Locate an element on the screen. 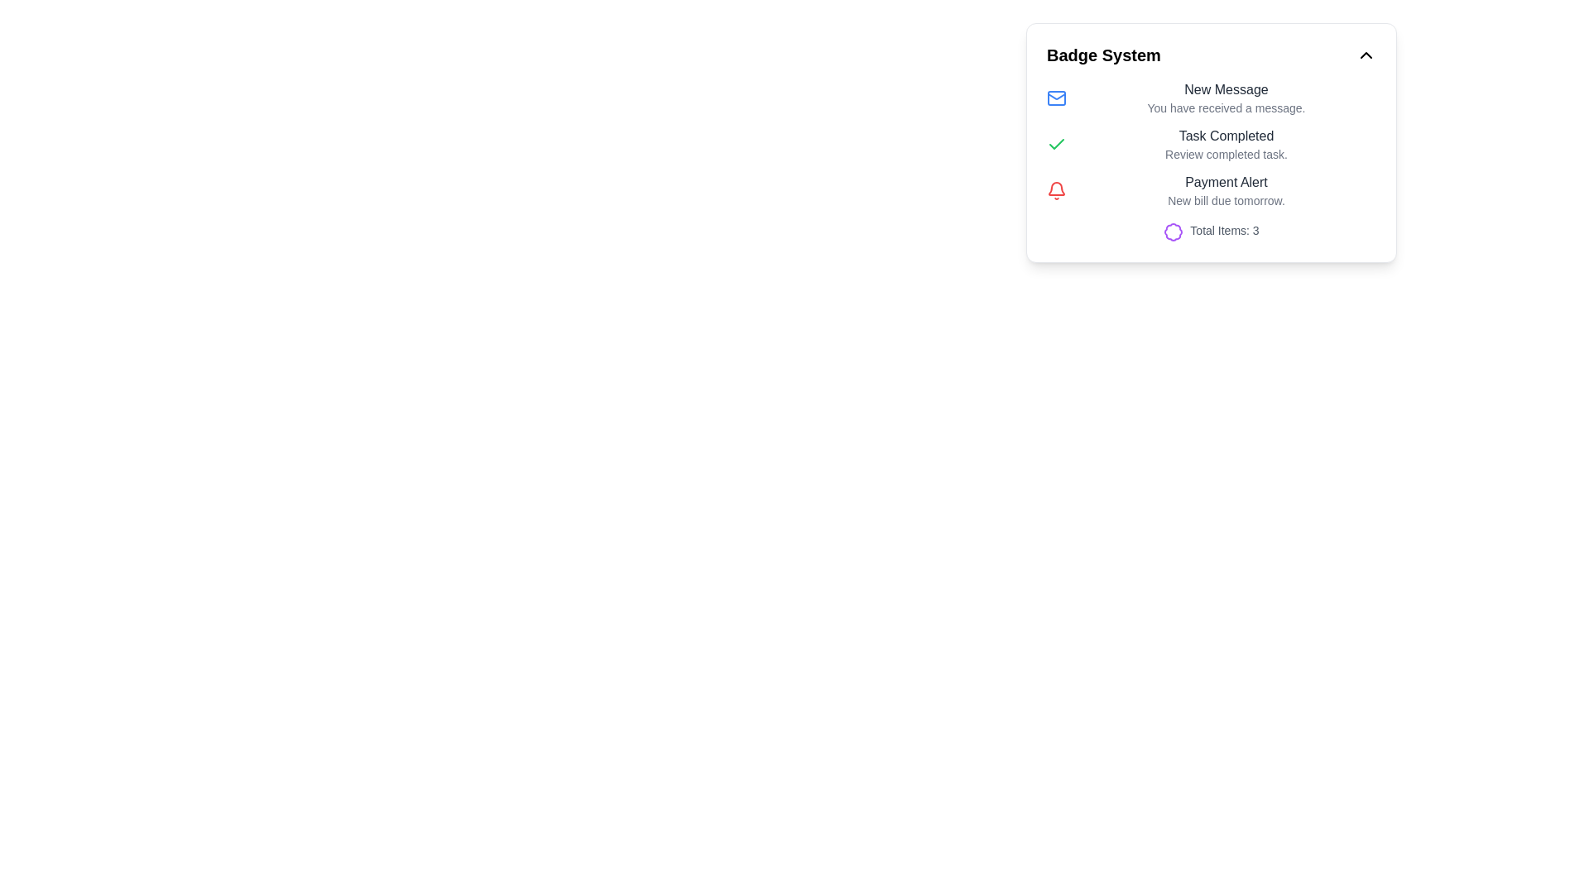  the lower triangular line of the blue envelope icon located at the top-left of the 'Badge System' card is located at coordinates (1055, 95).